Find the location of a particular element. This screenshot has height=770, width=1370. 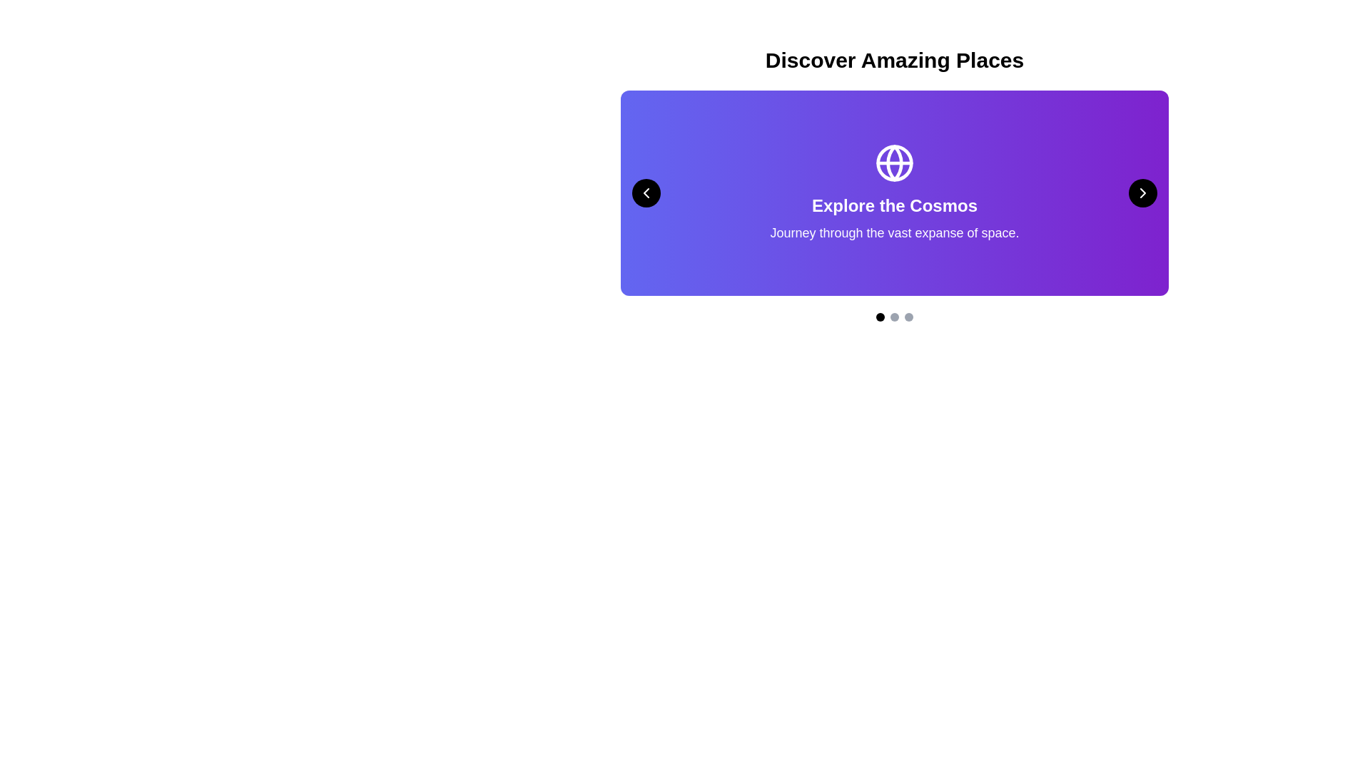

the inactive gray circular icon located in the middle of three horizontally aligned components beneath a larger visual section is located at coordinates (893, 316).